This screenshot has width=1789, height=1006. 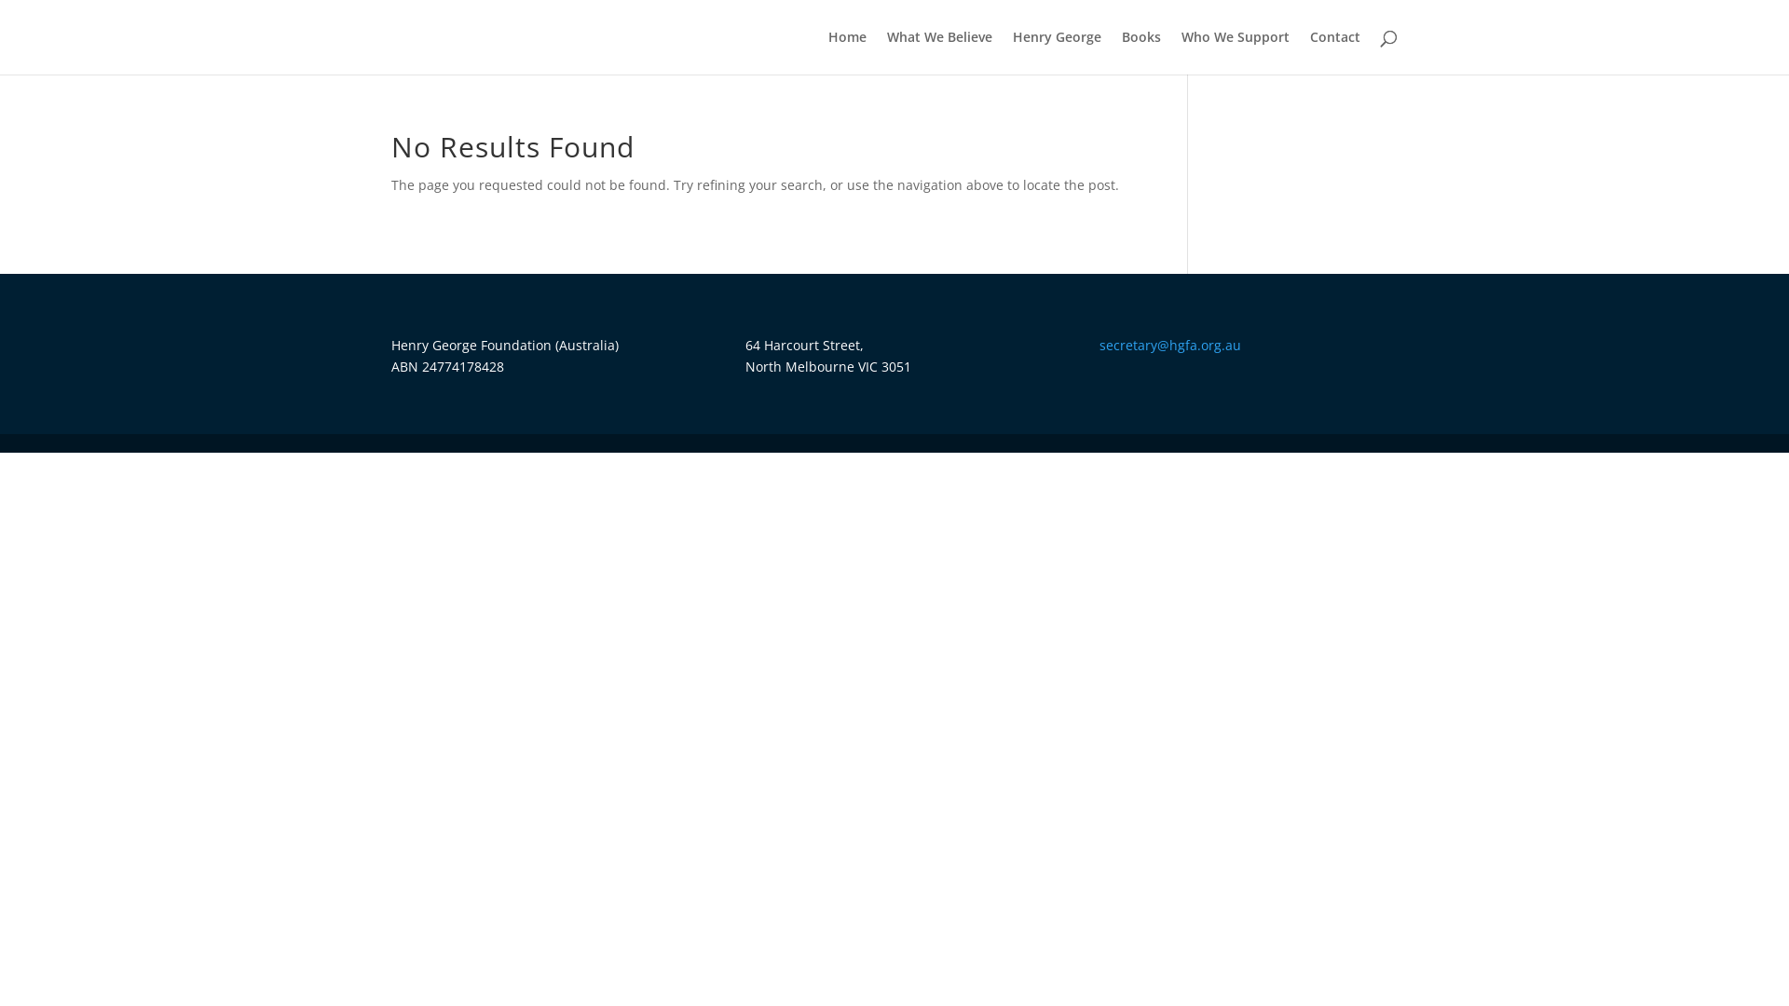 What do you see at coordinates (846, 51) in the screenshot?
I see `'Home'` at bounding box center [846, 51].